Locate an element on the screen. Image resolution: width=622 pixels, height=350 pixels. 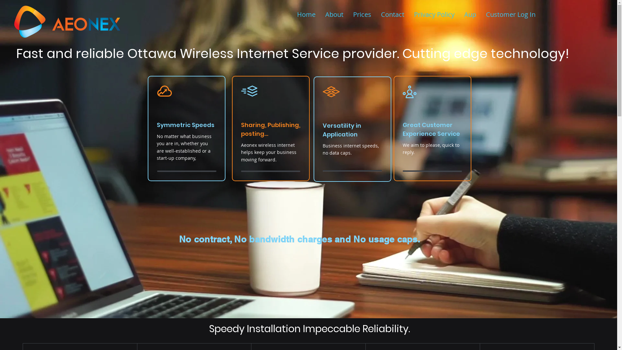
'About' is located at coordinates (334, 15).